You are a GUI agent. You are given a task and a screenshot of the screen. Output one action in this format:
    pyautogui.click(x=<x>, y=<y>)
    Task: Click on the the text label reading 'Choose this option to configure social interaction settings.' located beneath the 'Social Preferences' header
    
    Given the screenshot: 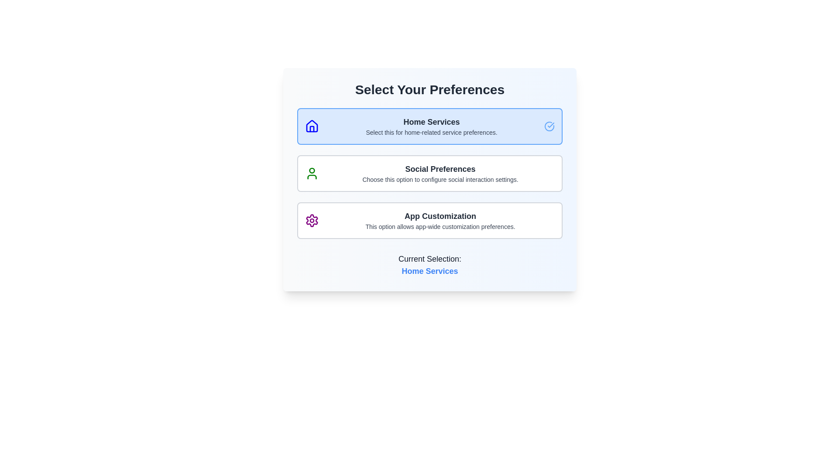 What is the action you would take?
    pyautogui.click(x=440, y=179)
    